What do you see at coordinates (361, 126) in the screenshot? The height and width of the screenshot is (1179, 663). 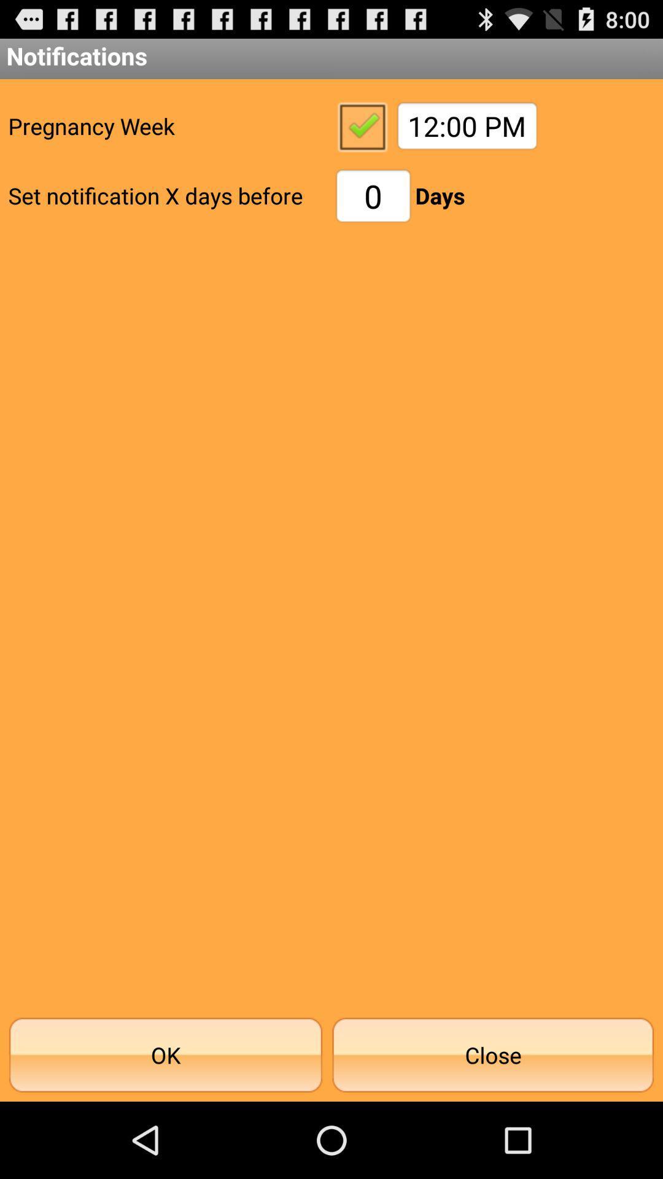 I see `icon to the right of the pregnancy week item` at bounding box center [361, 126].